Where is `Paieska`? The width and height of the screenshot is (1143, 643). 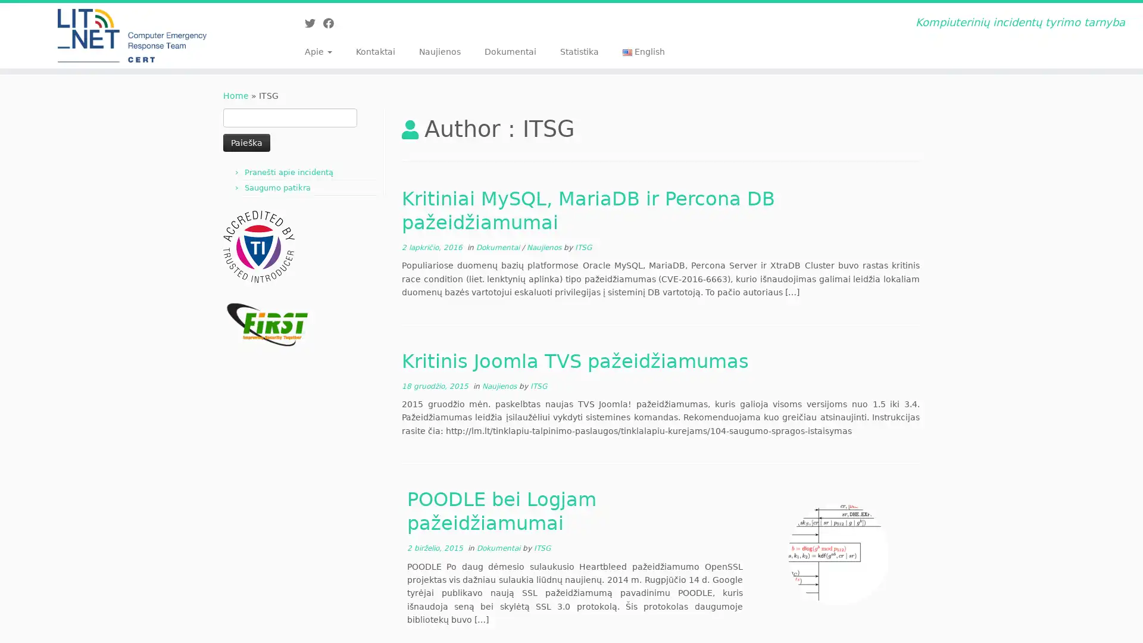 Paieska is located at coordinates (246, 142).